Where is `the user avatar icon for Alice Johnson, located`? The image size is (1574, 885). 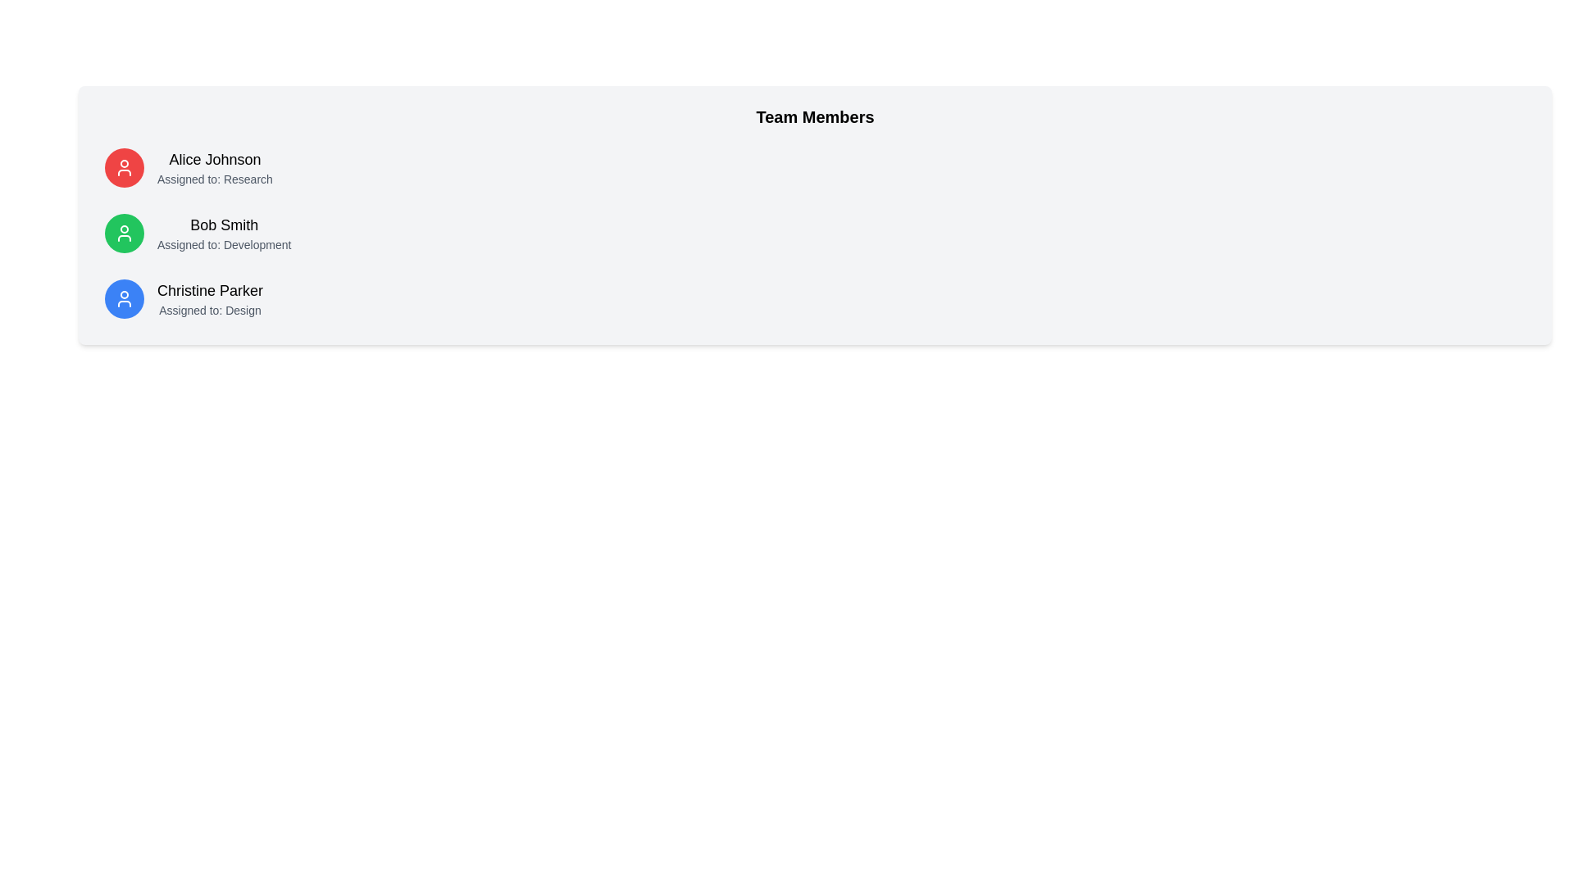
the user avatar icon for Alice Johnson, located is located at coordinates (124, 167).